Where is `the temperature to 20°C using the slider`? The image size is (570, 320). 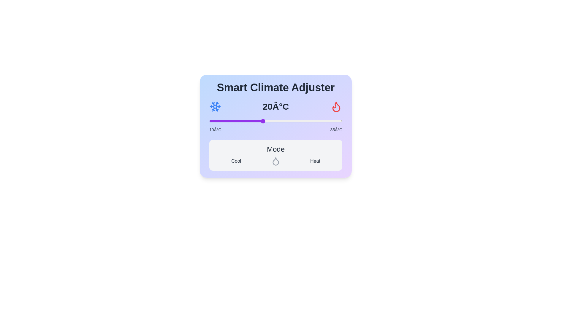 the temperature to 20°C using the slider is located at coordinates (262, 121).